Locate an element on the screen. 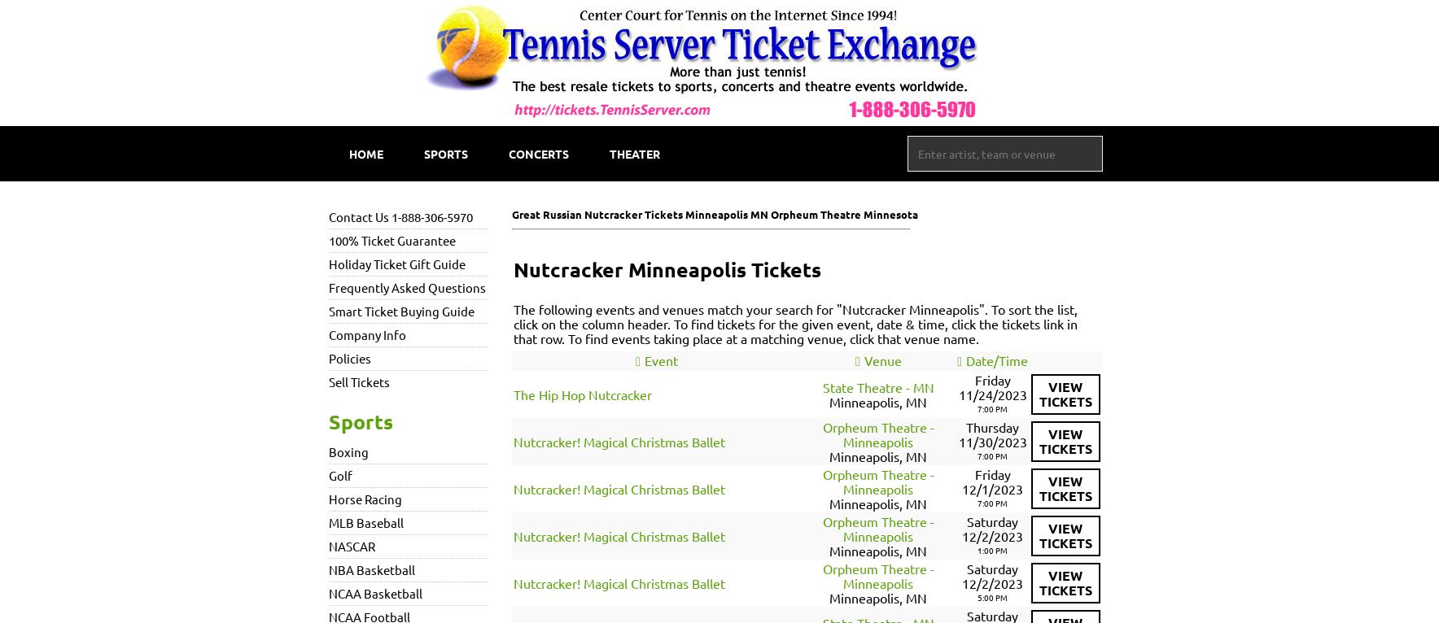  'Holiday Ticket Gift Guide' is located at coordinates (396, 263).